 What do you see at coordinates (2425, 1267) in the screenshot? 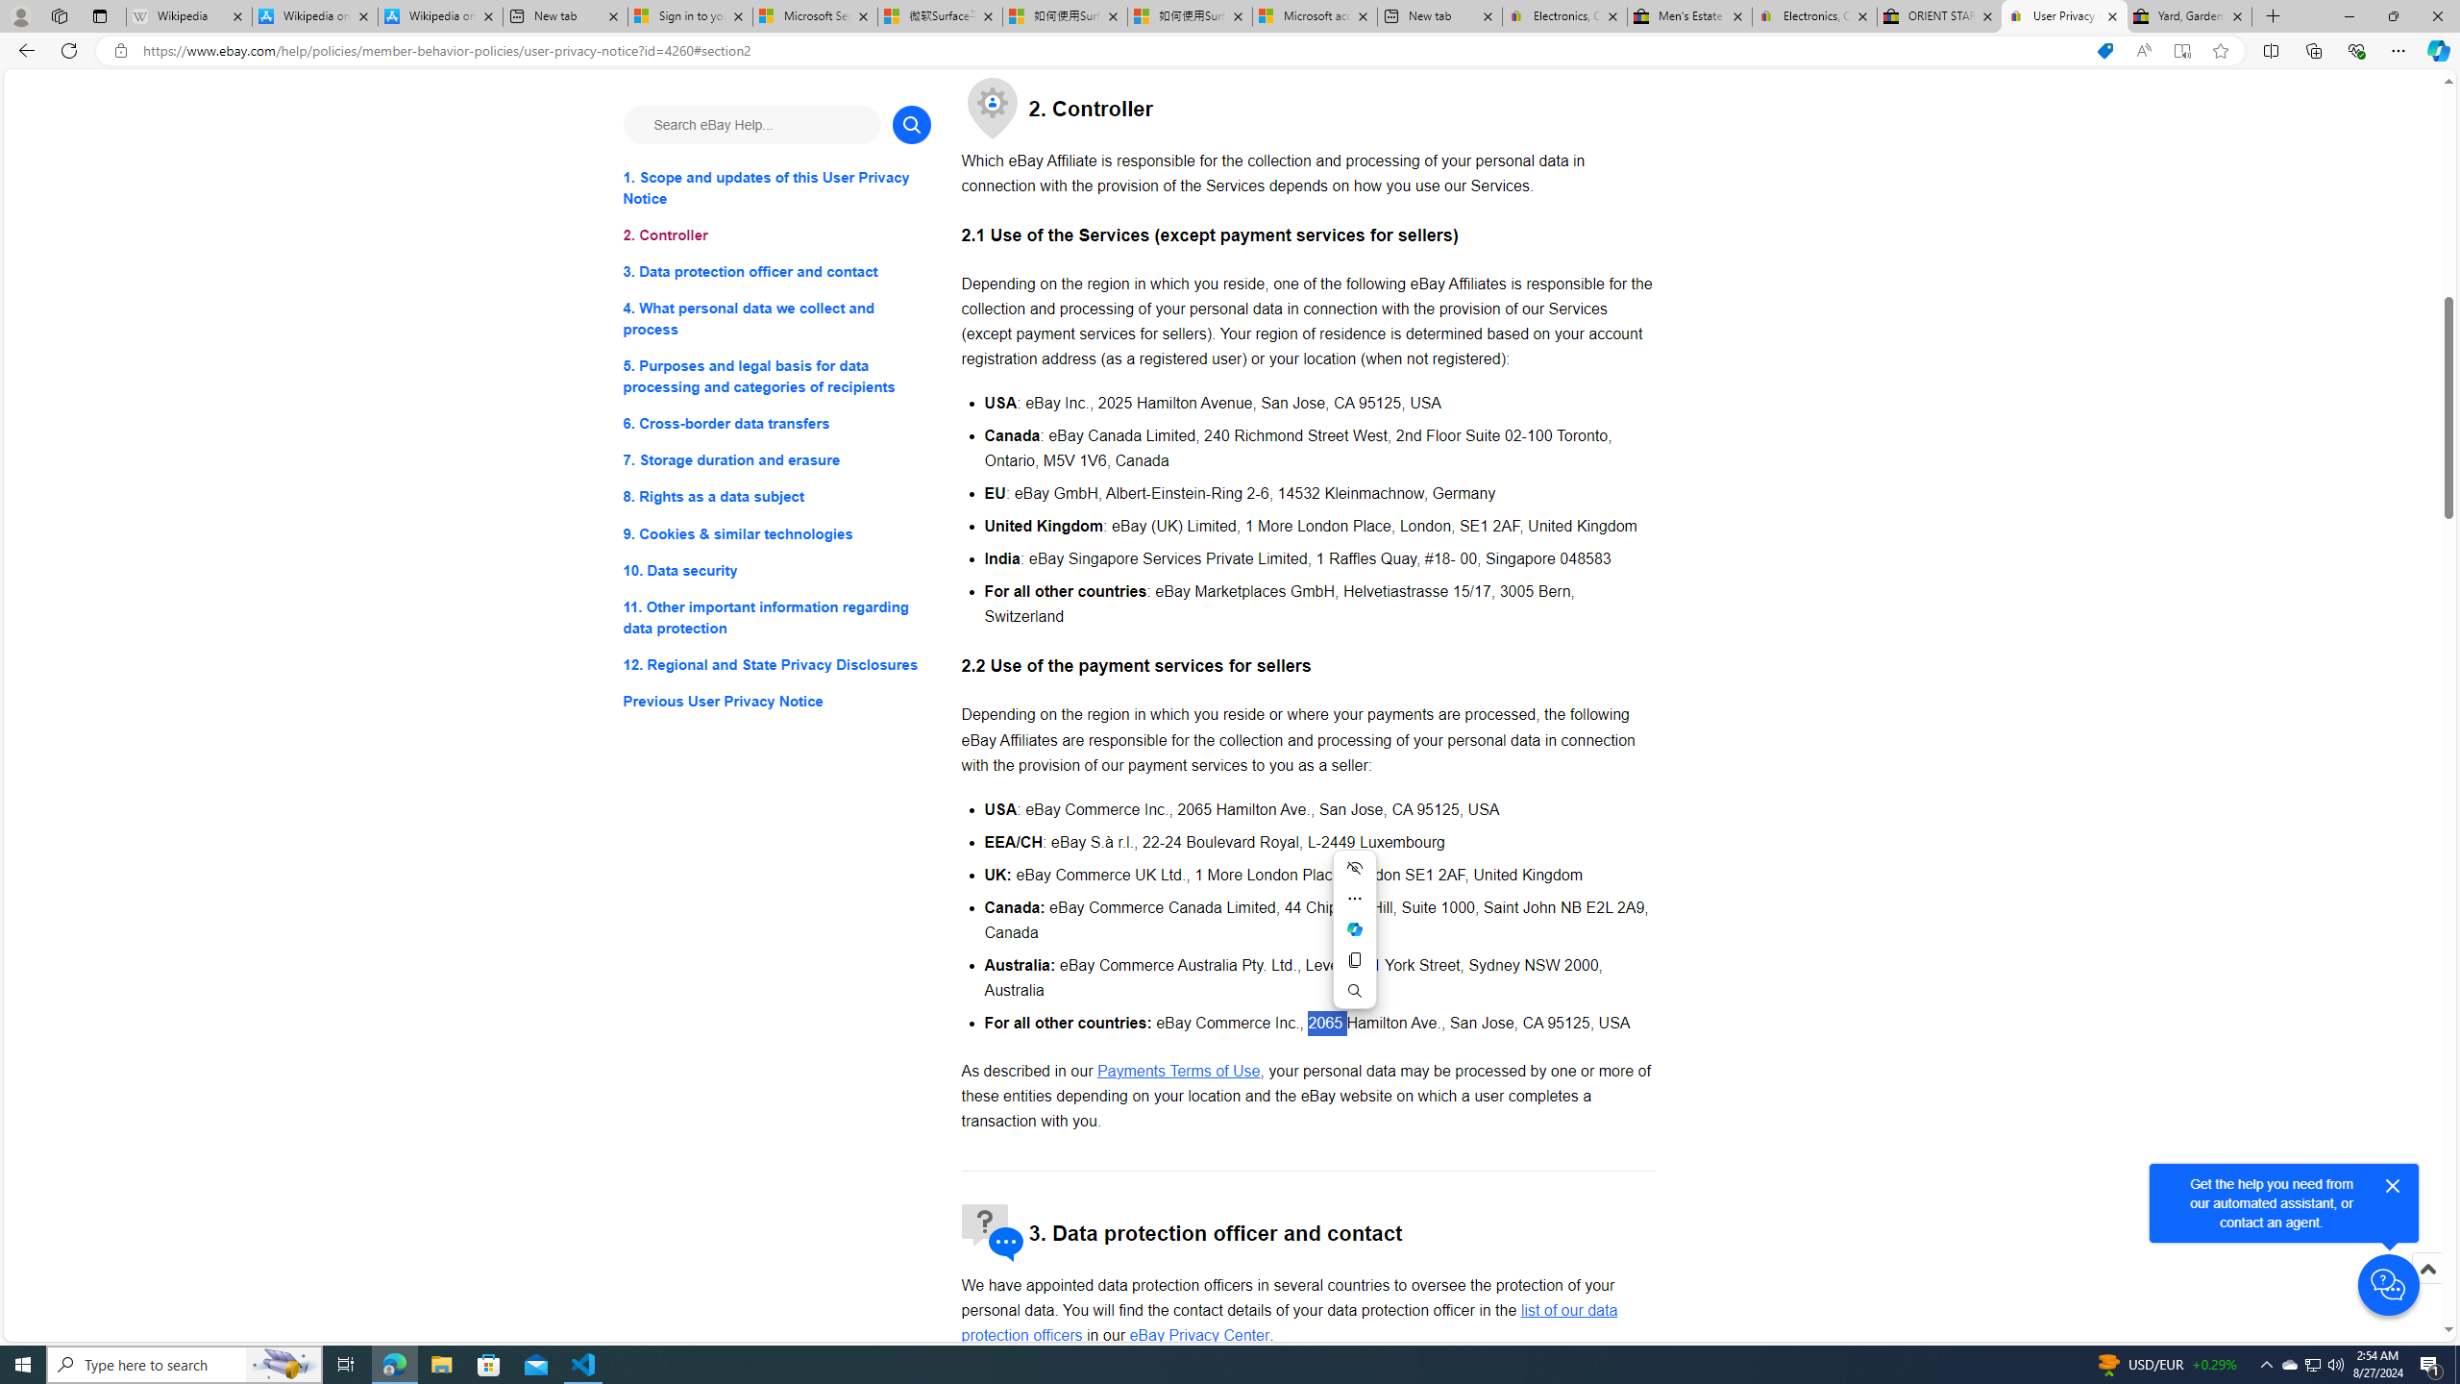
I see `'Scroll to top'` at bounding box center [2425, 1267].